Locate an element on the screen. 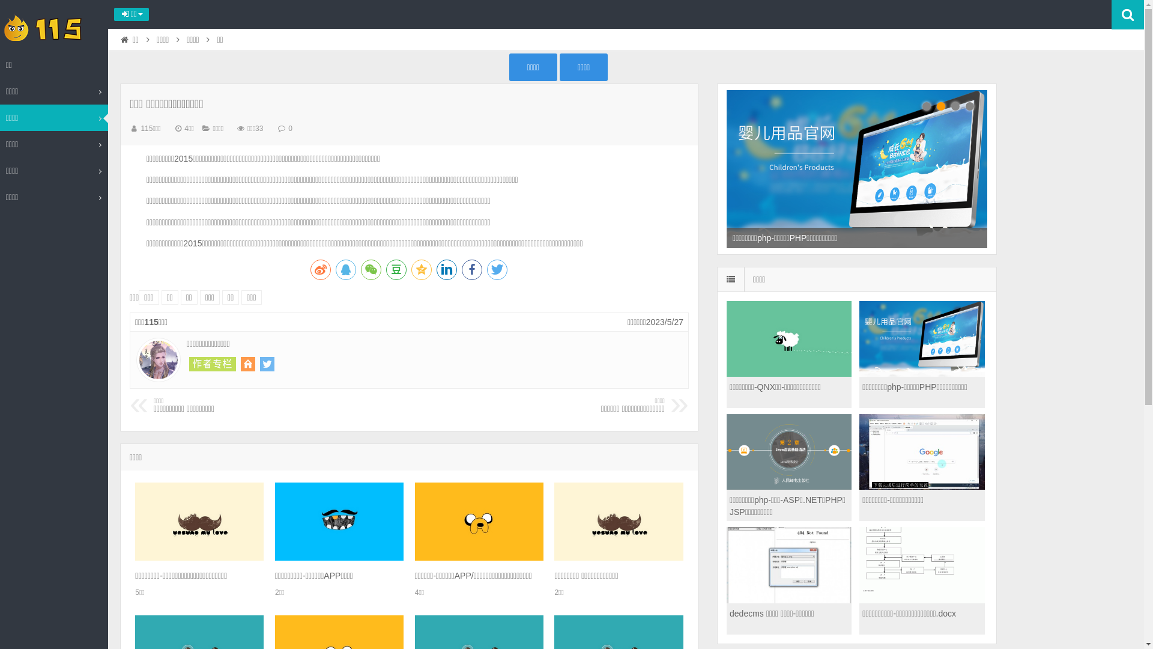 Image resolution: width=1153 pixels, height=649 pixels. '0' is located at coordinates (290, 128).